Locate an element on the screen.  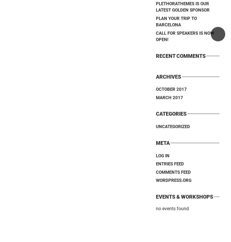
'October 2017' is located at coordinates (171, 89).